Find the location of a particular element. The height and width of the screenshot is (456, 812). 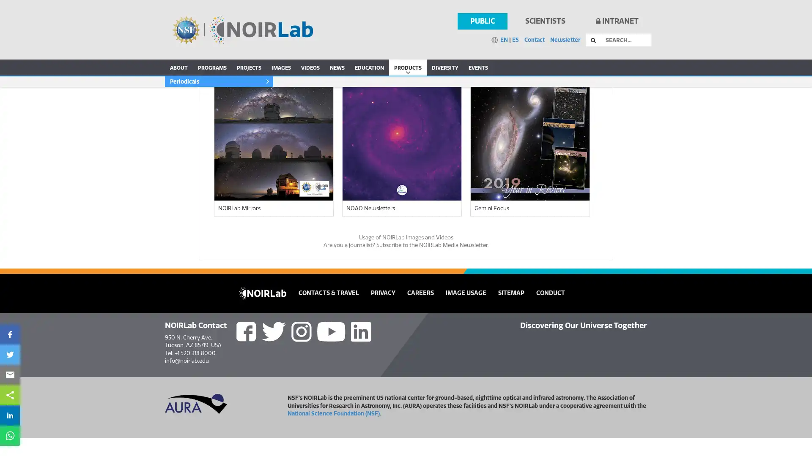

PUBLIC is located at coordinates (482, 21).